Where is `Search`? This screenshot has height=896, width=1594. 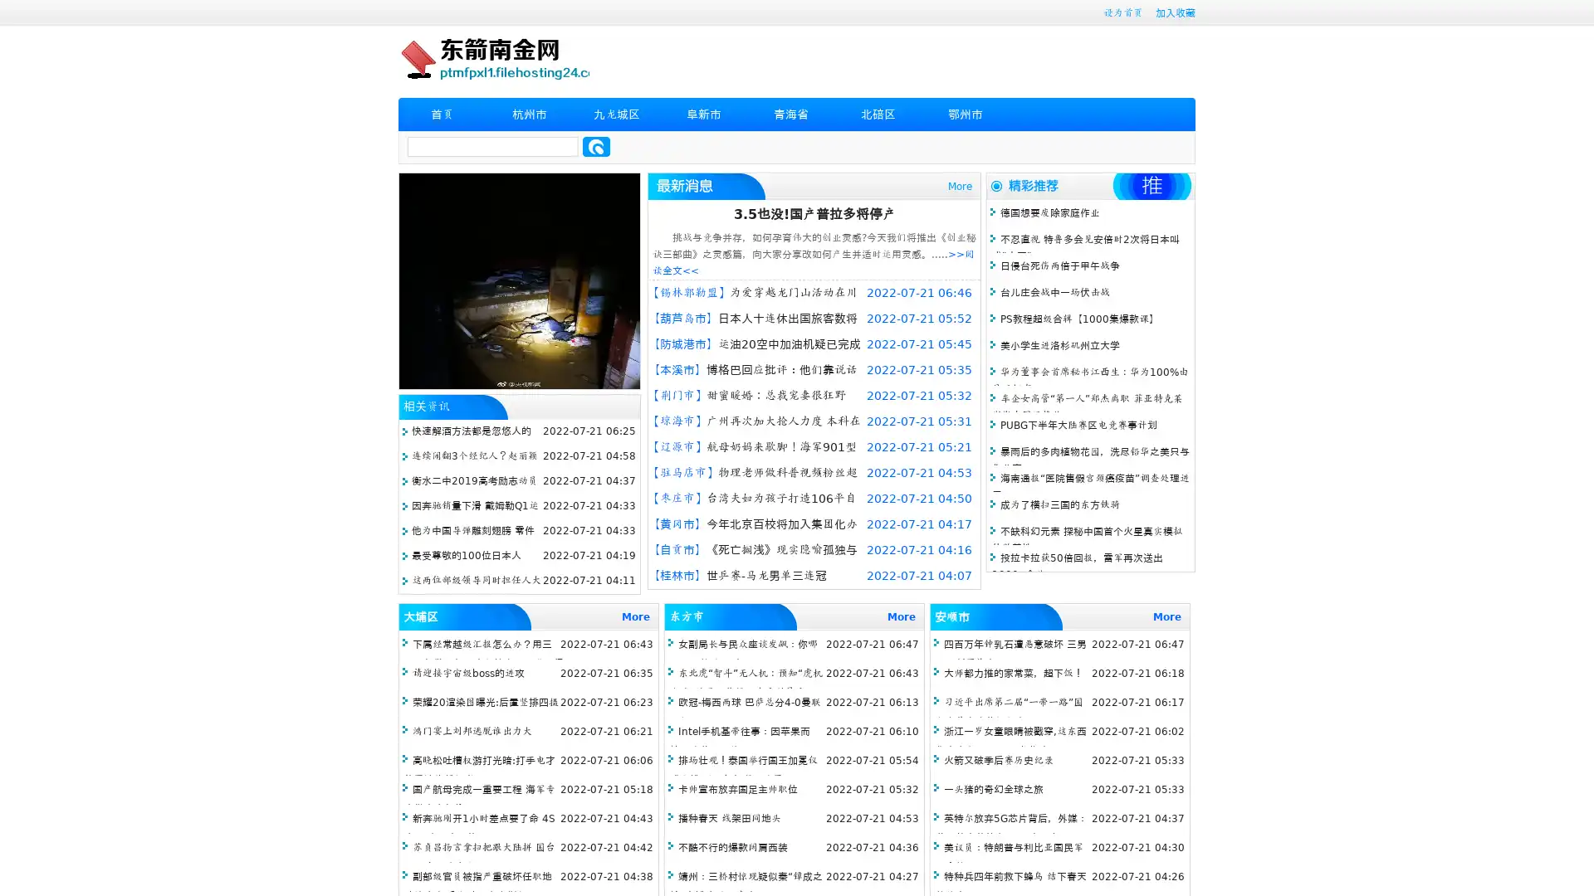 Search is located at coordinates (596, 146).